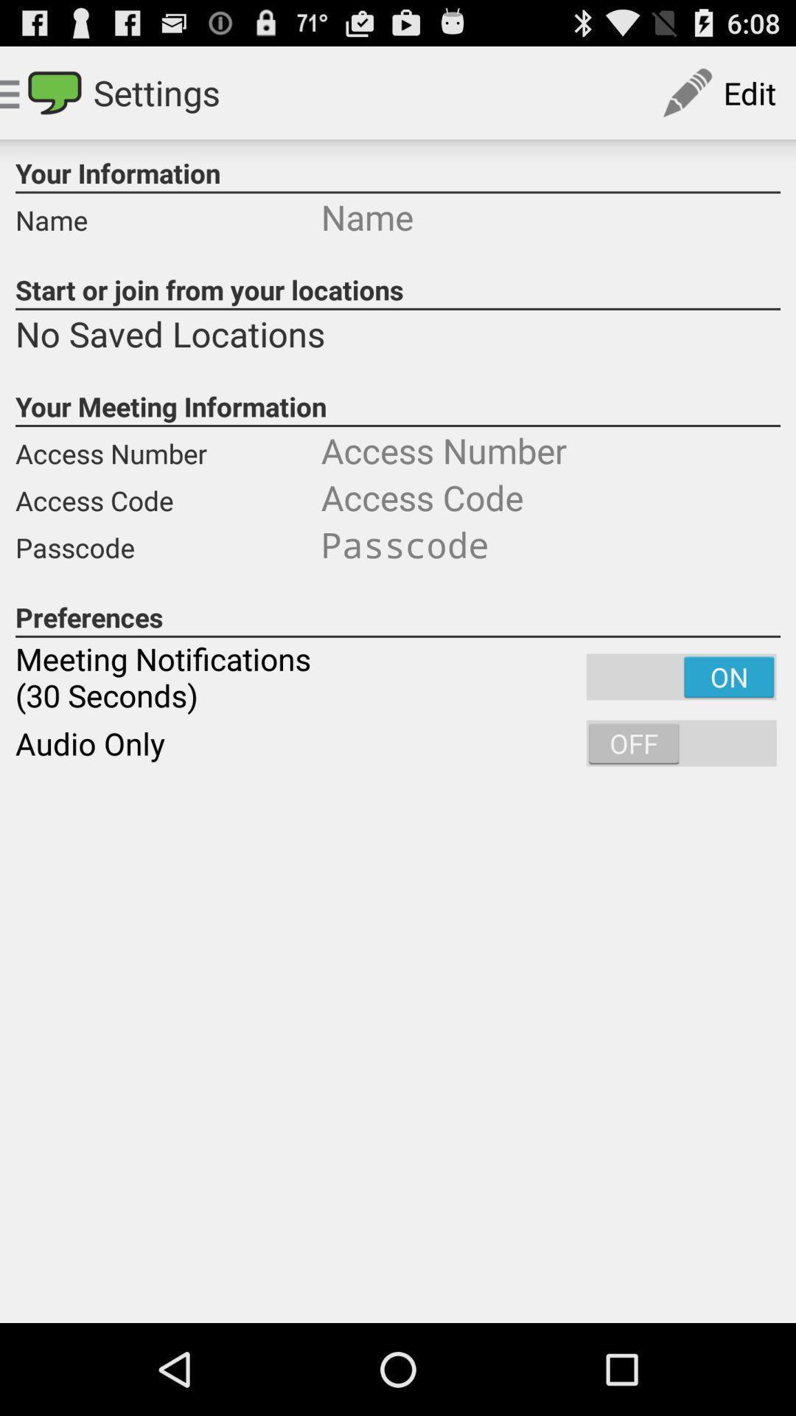 The height and width of the screenshot is (1416, 796). Describe the element at coordinates (398, 676) in the screenshot. I see `the meeting notifications 30` at that location.